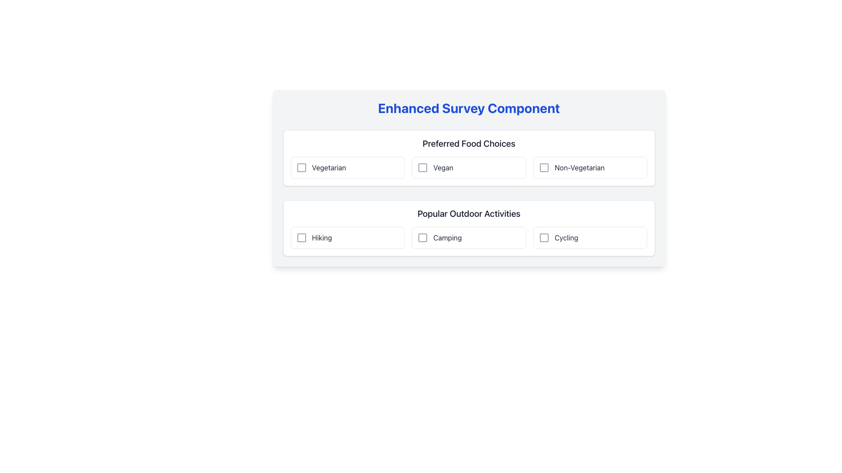 Image resolution: width=842 pixels, height=473 pixels. Describe the element at coordinates (543, 238) in the screenshot. I see `the checkbox icon located within the 'Cycling' button` at that location.